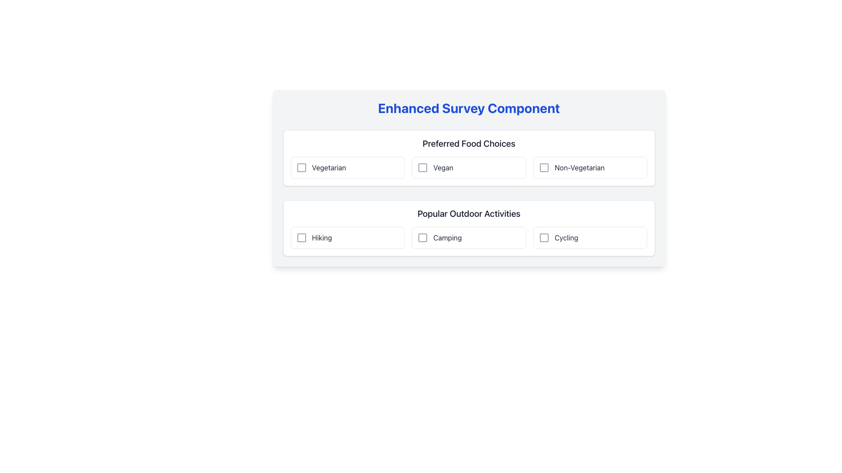 Image resolution: width=842 pixels, height=473 pixels. Describe the element at coordinates (543, 238) in the screenshot. I see `the checkbox icon located within the 'Cycling' button` at that location.